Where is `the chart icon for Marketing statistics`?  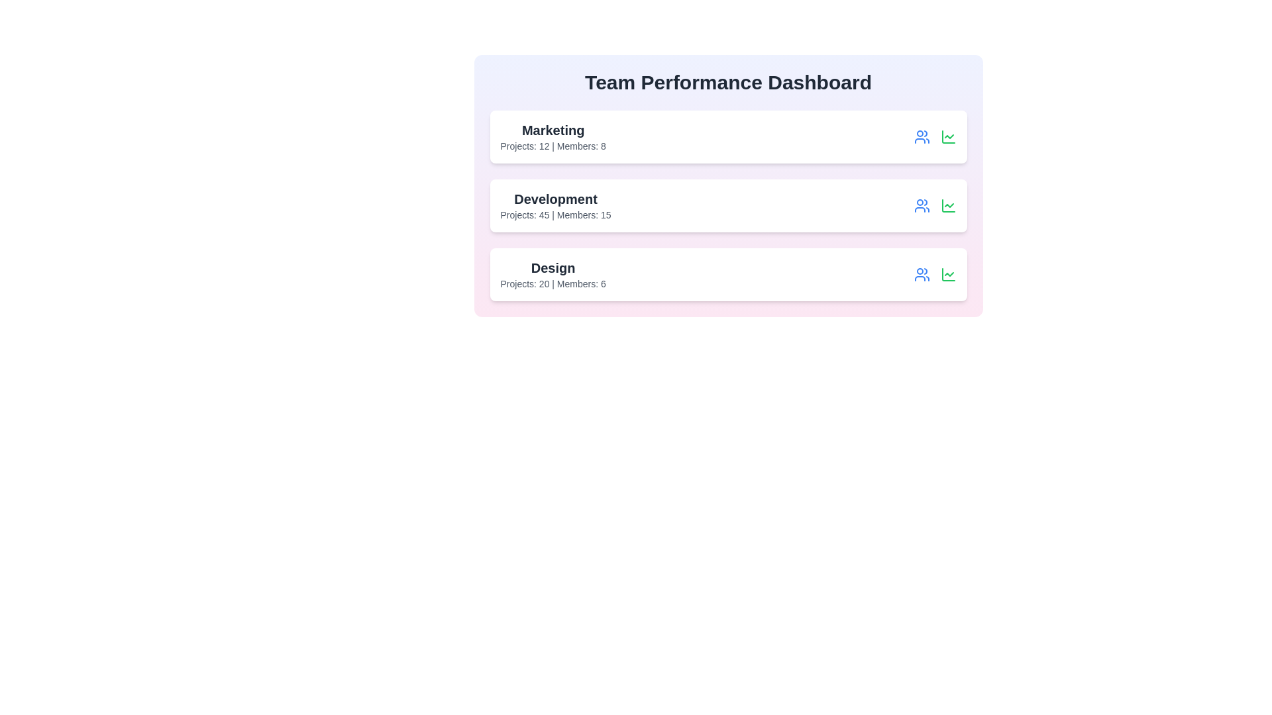
the chart icon for Marketing statistics is located at coordinates (947, 137).